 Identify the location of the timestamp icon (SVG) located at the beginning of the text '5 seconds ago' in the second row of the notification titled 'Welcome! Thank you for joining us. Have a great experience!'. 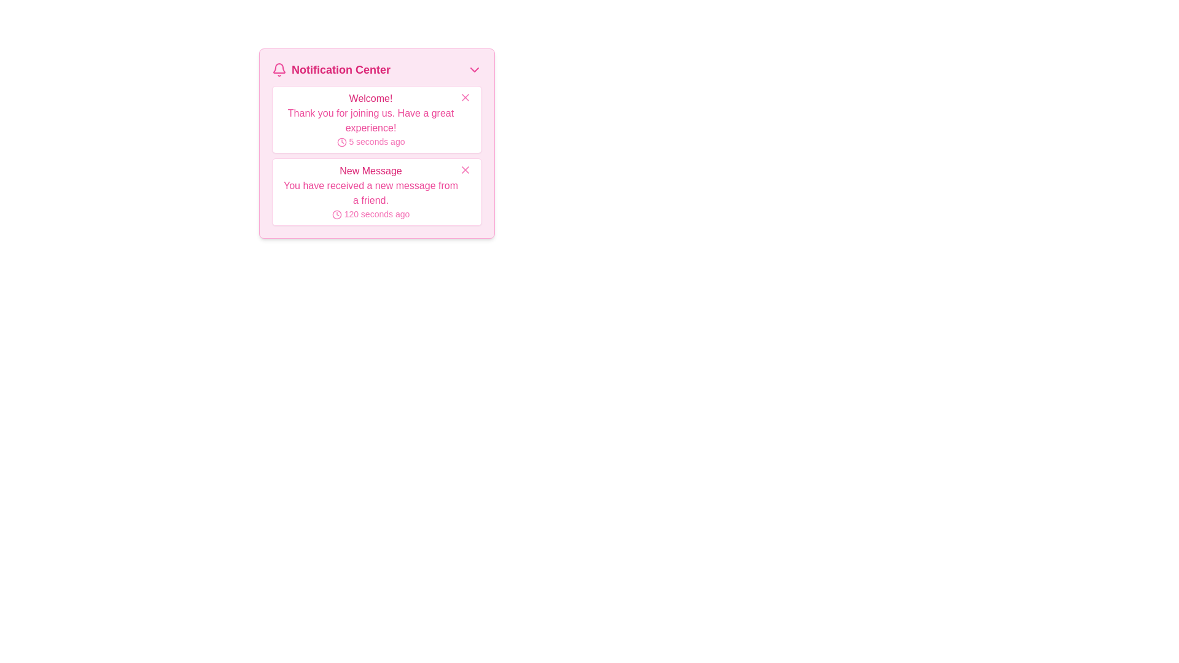
(341, 142).